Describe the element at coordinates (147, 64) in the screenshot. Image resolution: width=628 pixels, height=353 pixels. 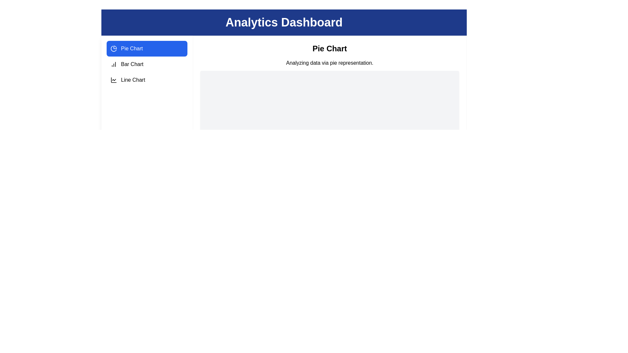
I see `the tab labeled Bar Chart in the sidebar` at that location.